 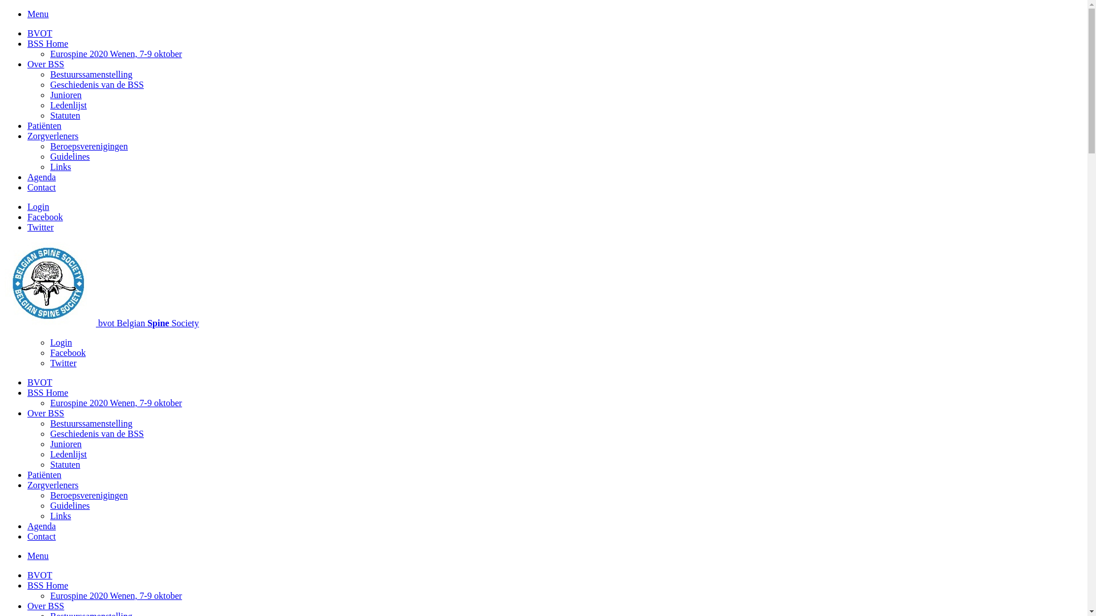 I want to click on 'Twitter', so click(x=62, y=363).